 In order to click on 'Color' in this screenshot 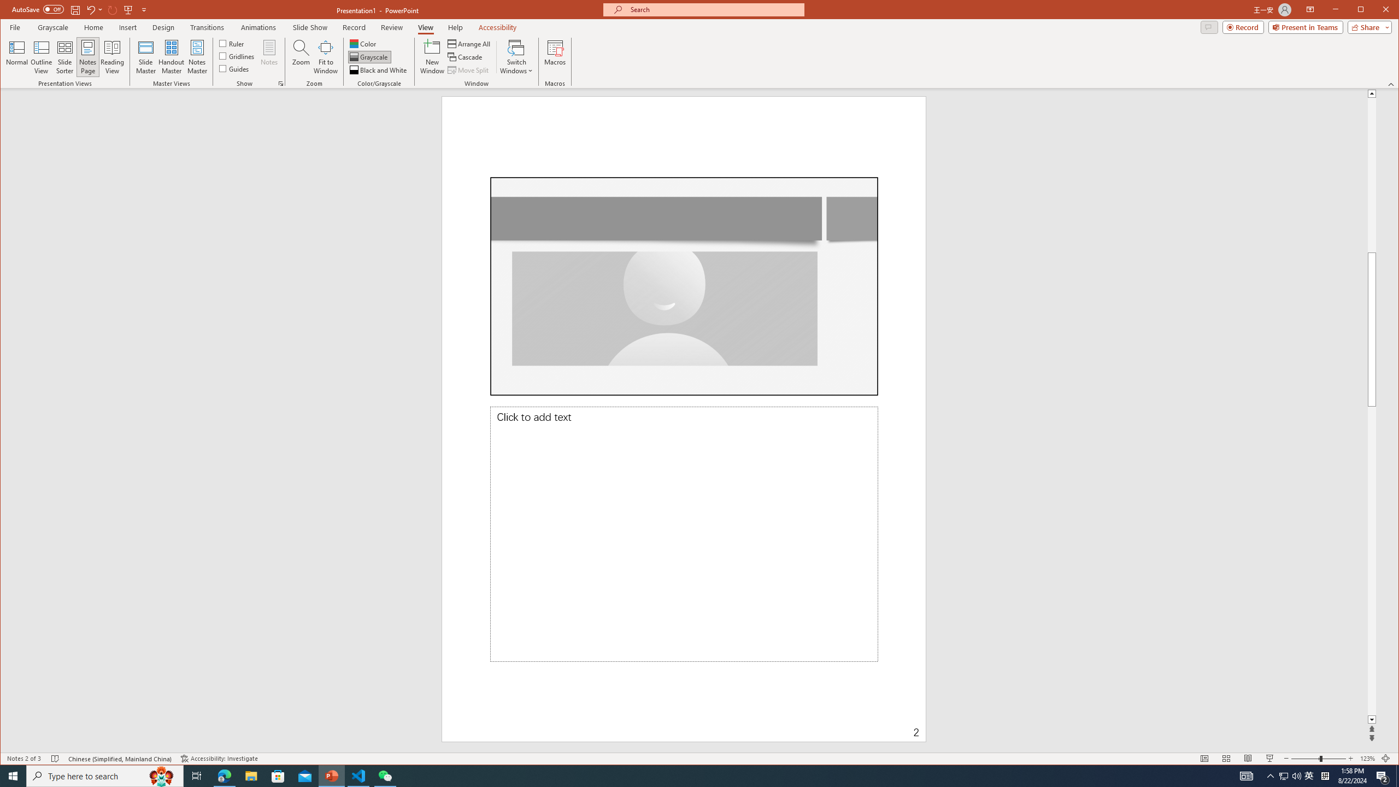, I will do `click(363, 44)`.